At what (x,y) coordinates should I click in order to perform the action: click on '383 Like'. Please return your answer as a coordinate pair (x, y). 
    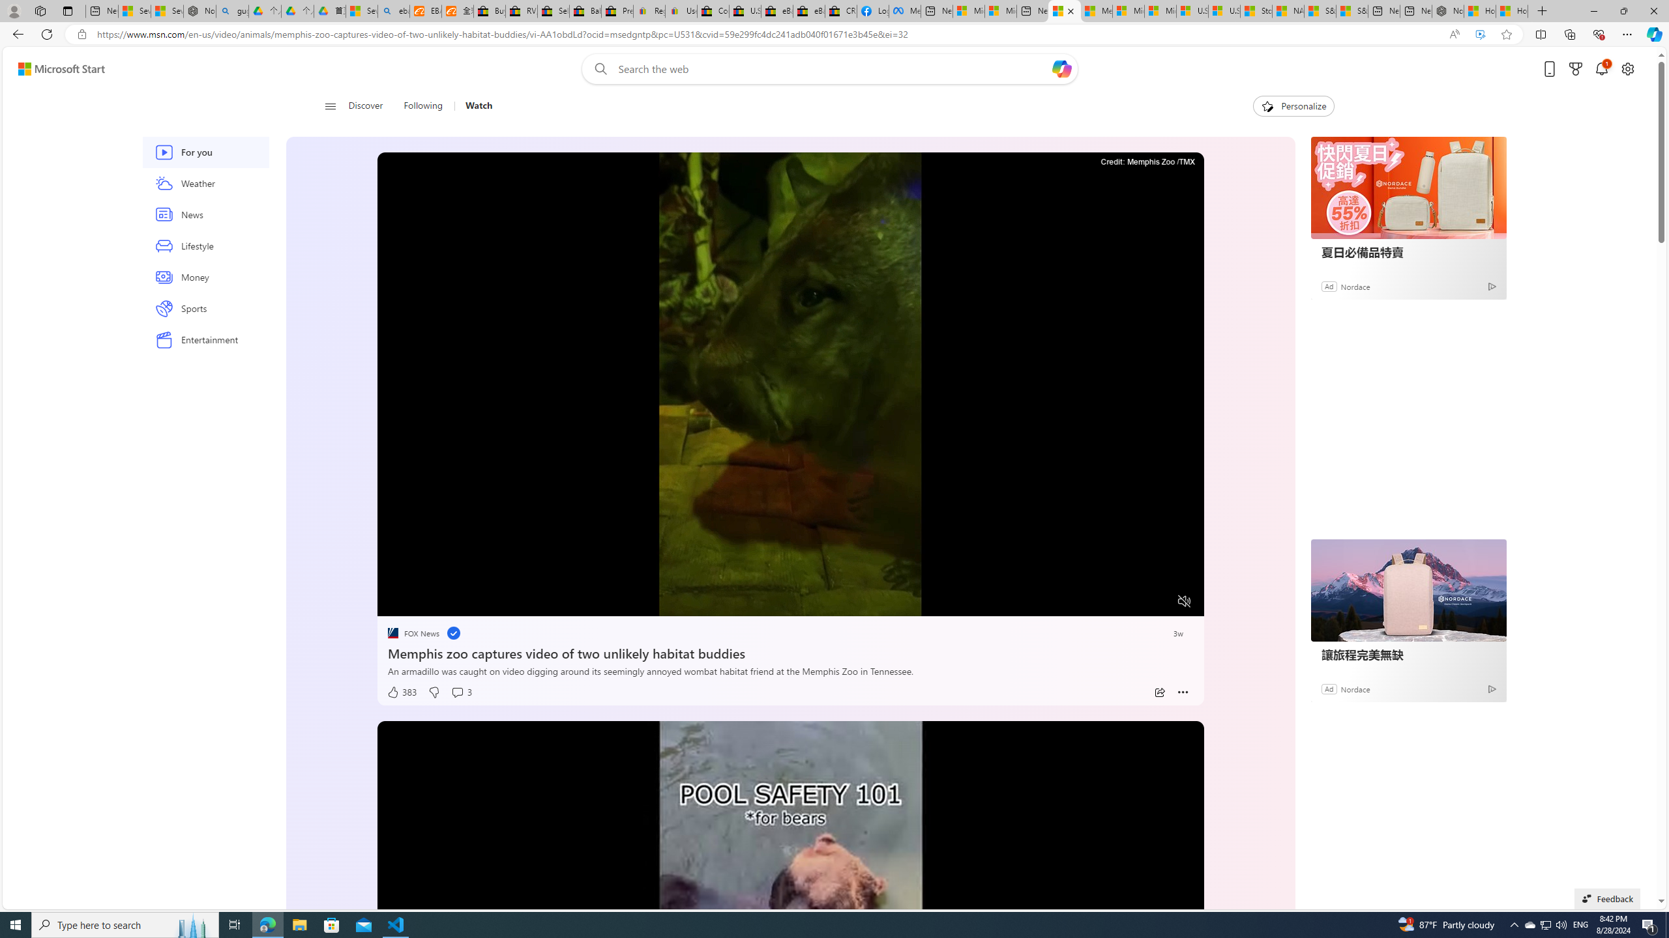
    Looking at the image, I should click on (401, 692).